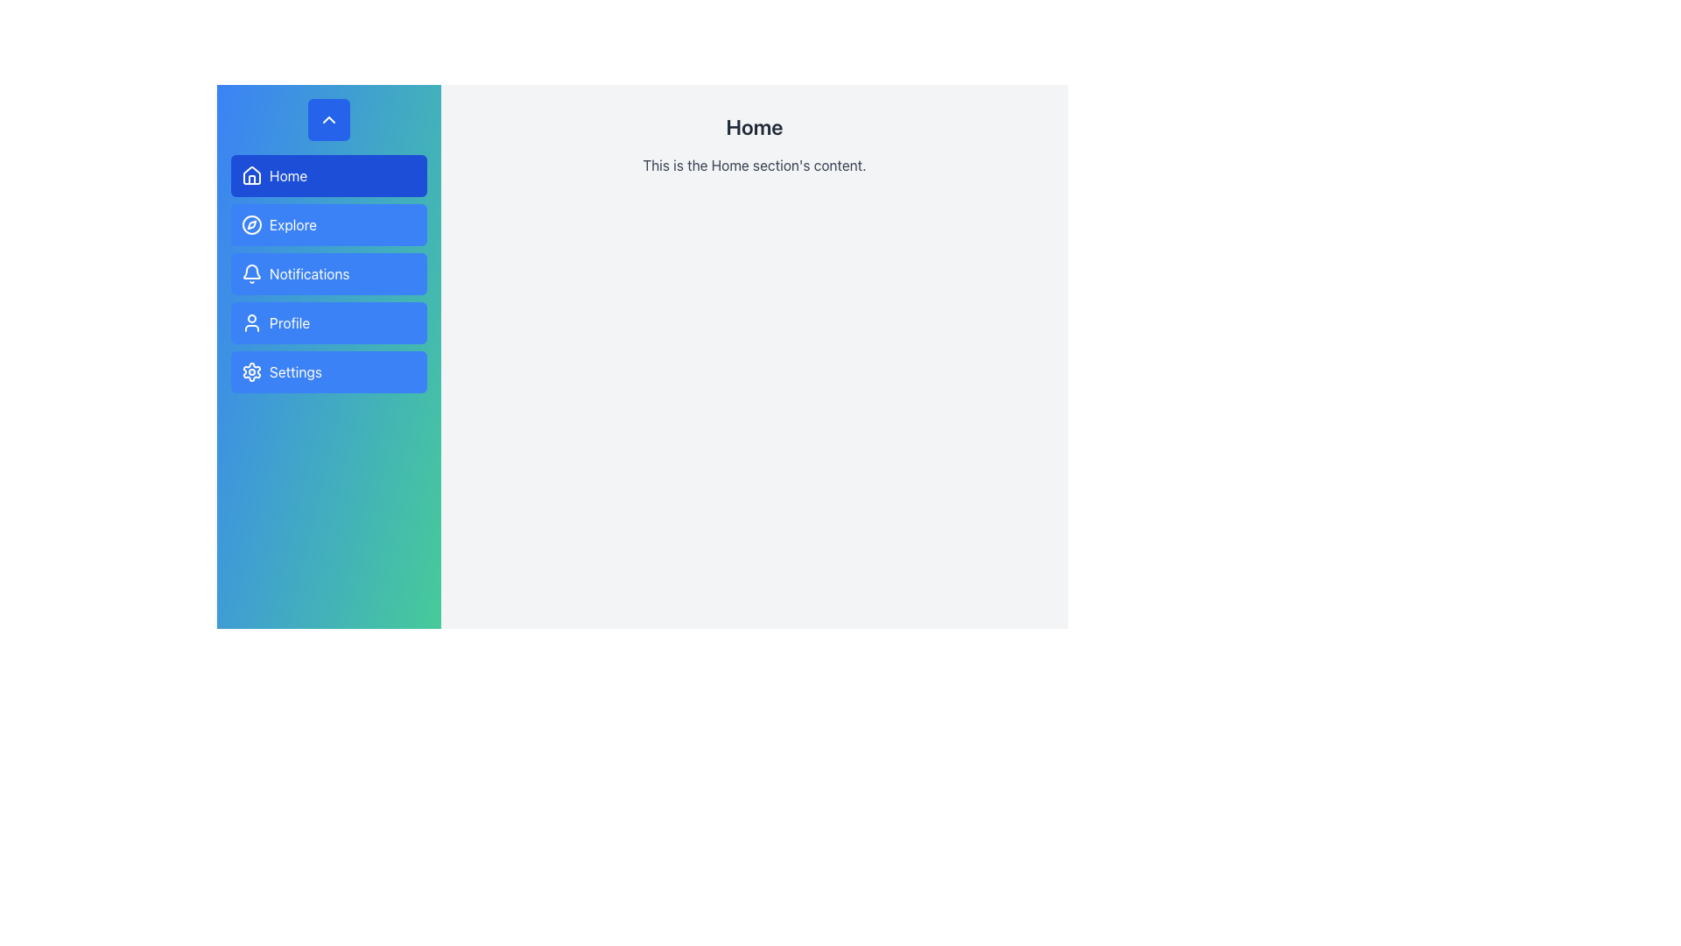  I want to click on the 'Home' navigation icon located at the top-left of the interface within the vertical menu panel, so click(251, 179).